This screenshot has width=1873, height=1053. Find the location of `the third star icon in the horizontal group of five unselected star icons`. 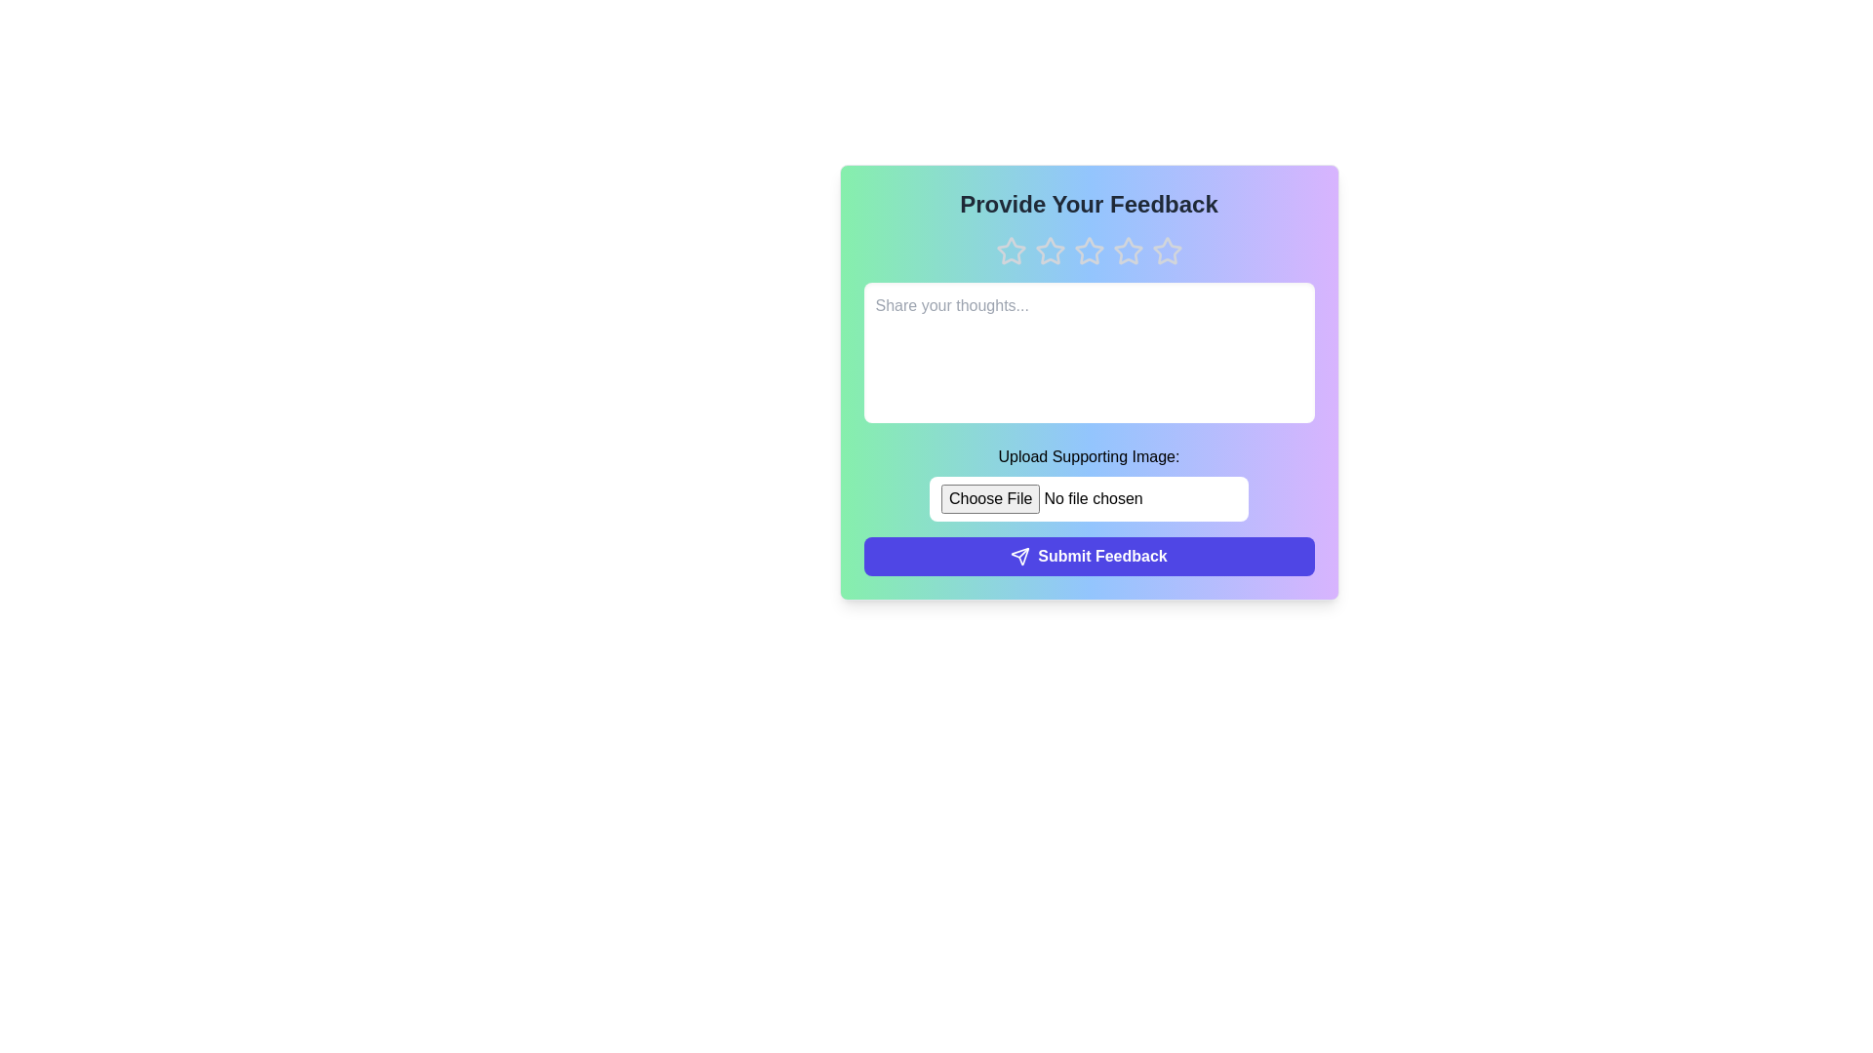

the third star icon in the horizontal group of five unselected star icons is located at coordinates (1088, 251).